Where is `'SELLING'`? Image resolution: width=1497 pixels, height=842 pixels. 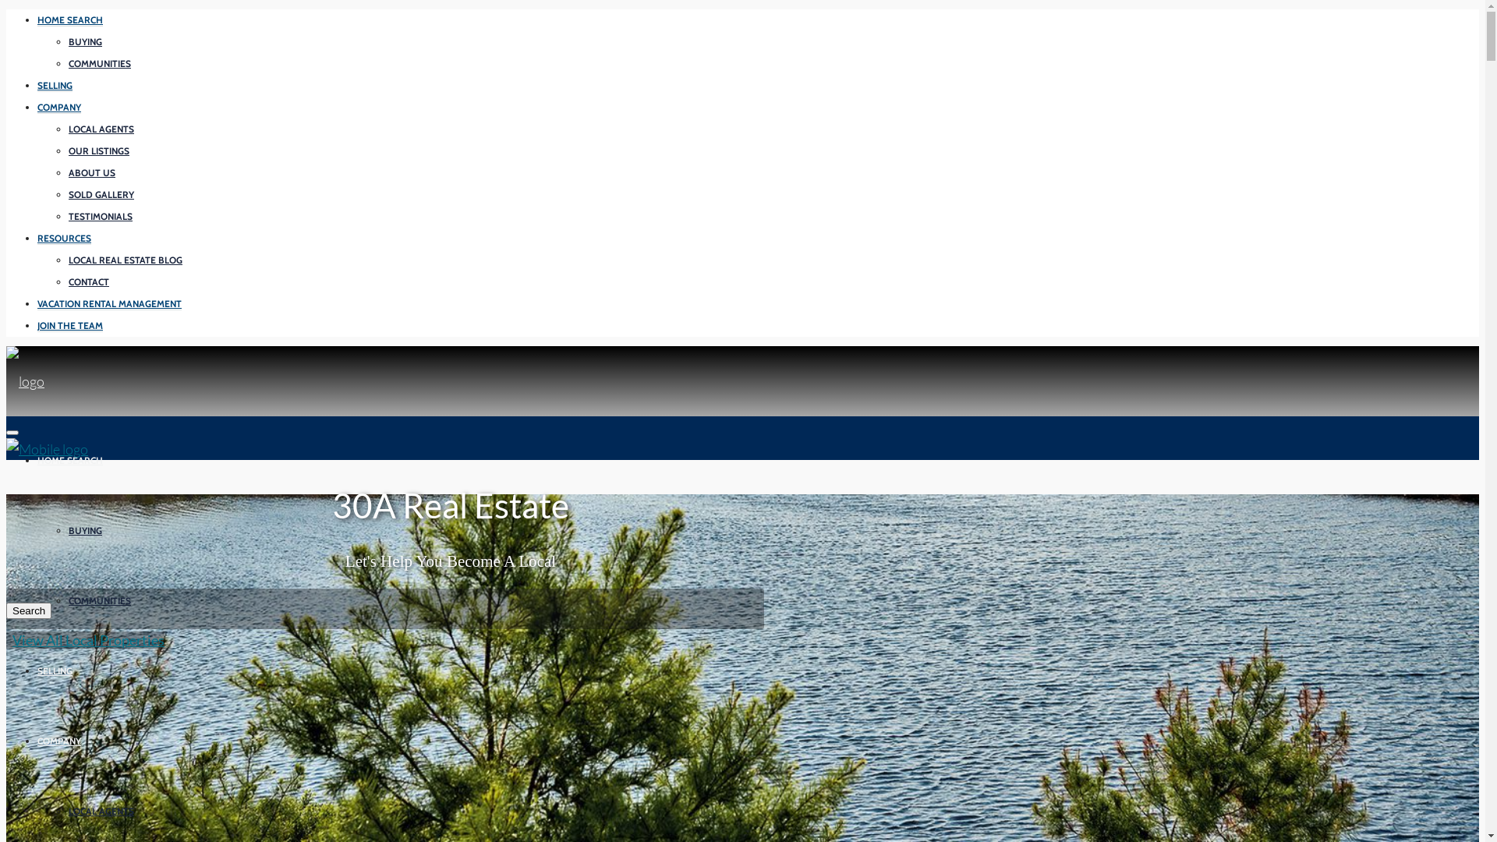 'SELLING' is located at coordinates (55, 670).